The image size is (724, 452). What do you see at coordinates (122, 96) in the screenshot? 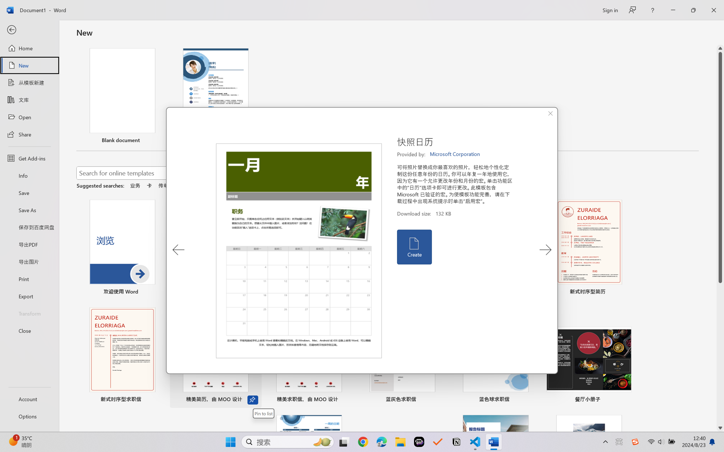
I see `'Blank document'` at bounding box center [122, 96].